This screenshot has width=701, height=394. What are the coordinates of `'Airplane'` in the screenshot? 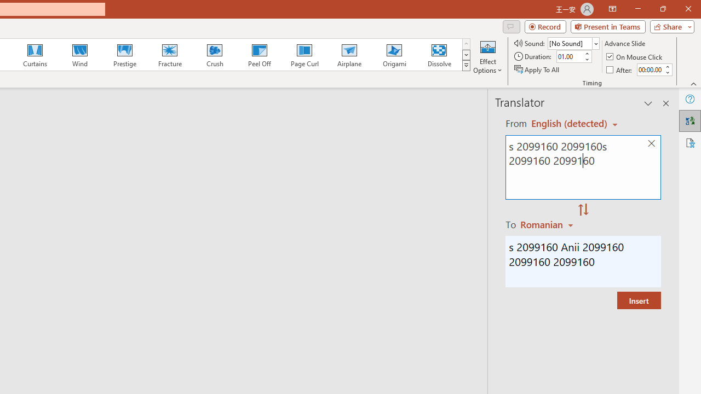 It's located at (348, 55).